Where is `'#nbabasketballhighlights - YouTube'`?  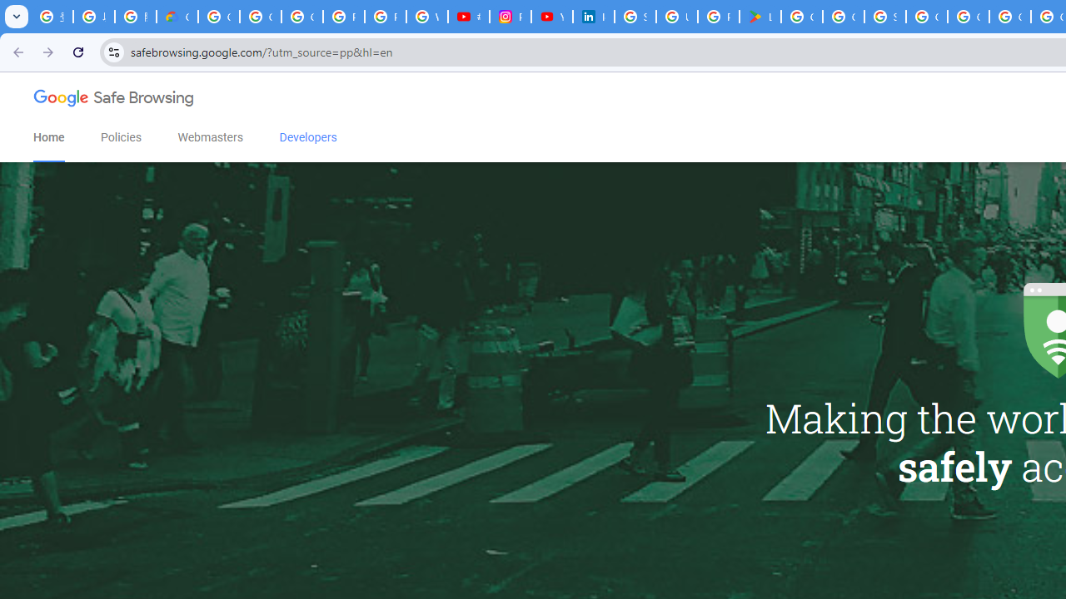 '#nbabasketballhighlights - YouTube' is located at coordinates (467, 17).